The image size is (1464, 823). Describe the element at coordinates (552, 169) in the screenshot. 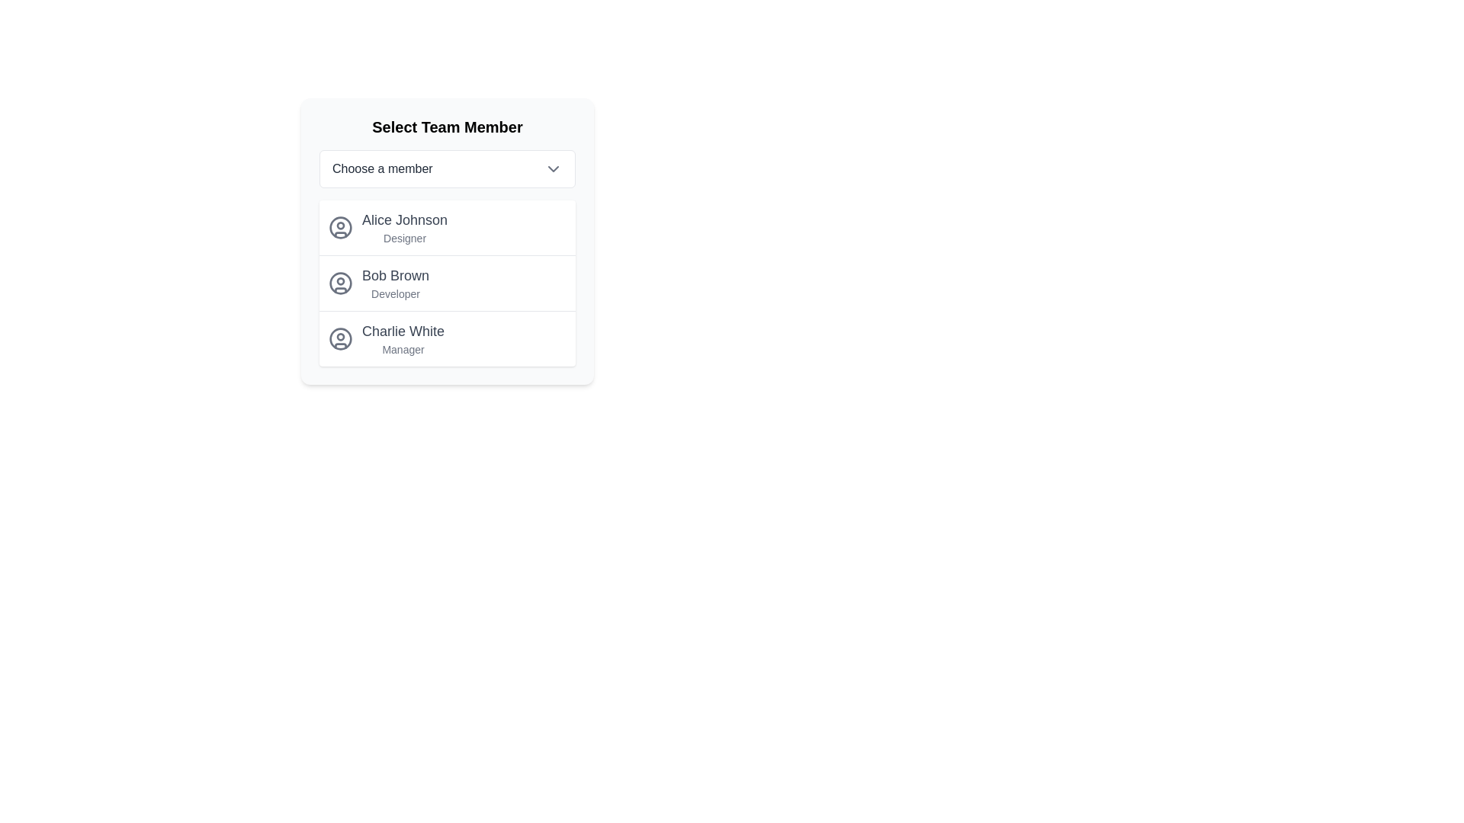

I see `the downward-pointing chevron icon with a gray stroke located in the 'Select Team Member' panel` at that location.